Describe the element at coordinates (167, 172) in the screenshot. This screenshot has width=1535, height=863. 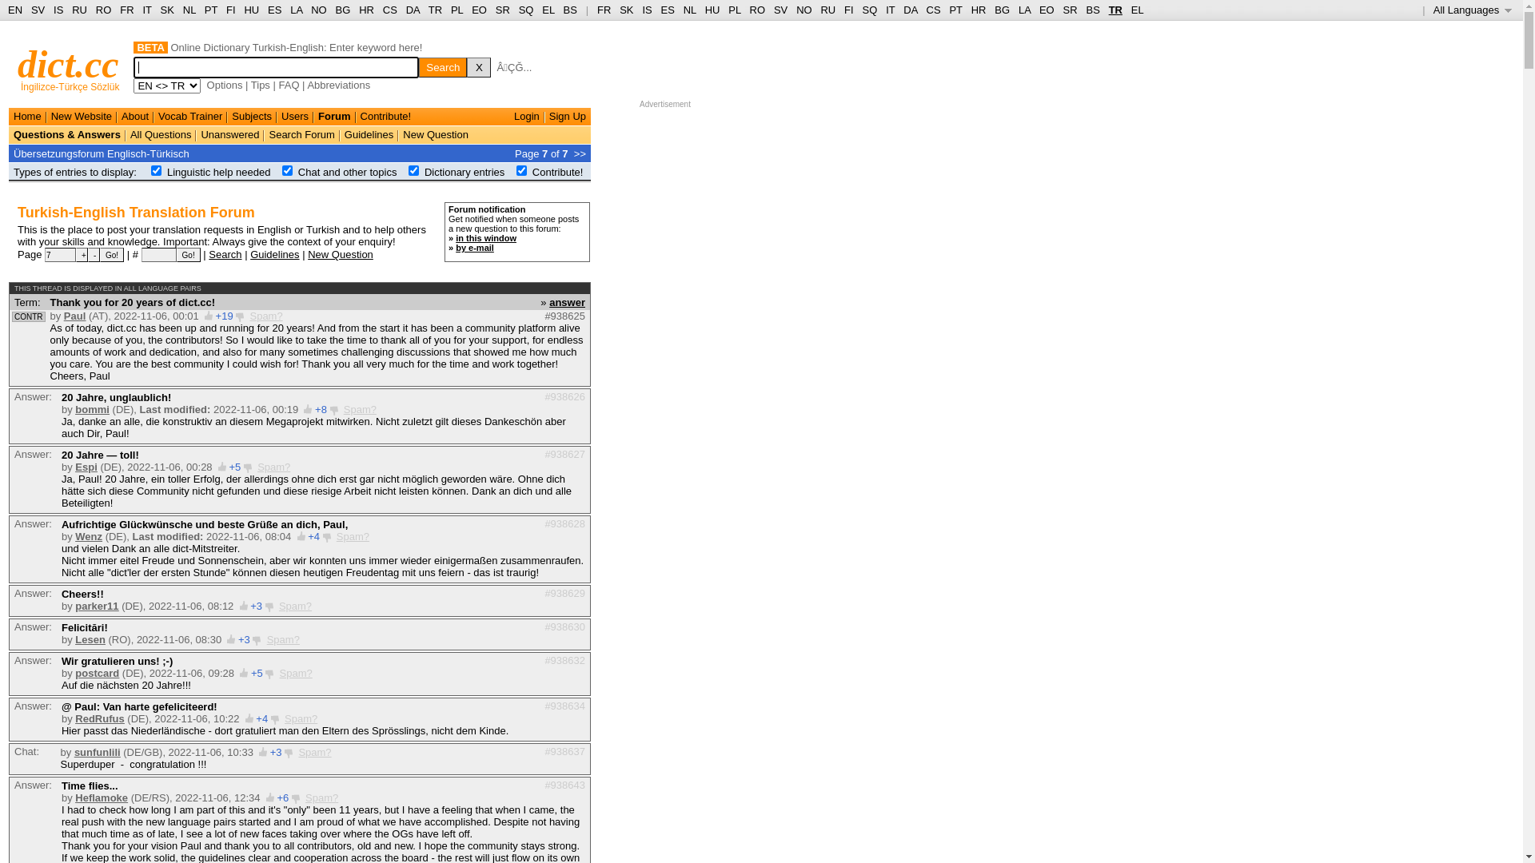
I see `'Linguistic help needed'` at that location.